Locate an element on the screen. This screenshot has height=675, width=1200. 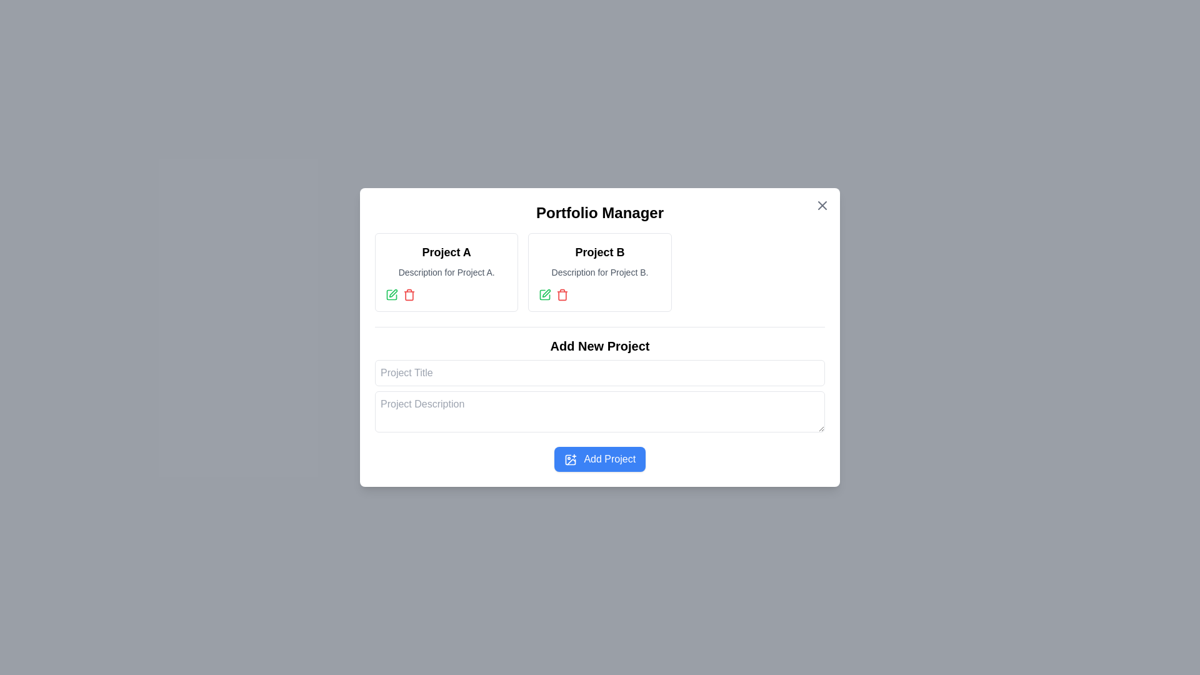
the decorative icon for adding a new project, which is located on the left side of the 'Add Project' button text at the bottom-center of the modal window is located at coordinates (569, 459).